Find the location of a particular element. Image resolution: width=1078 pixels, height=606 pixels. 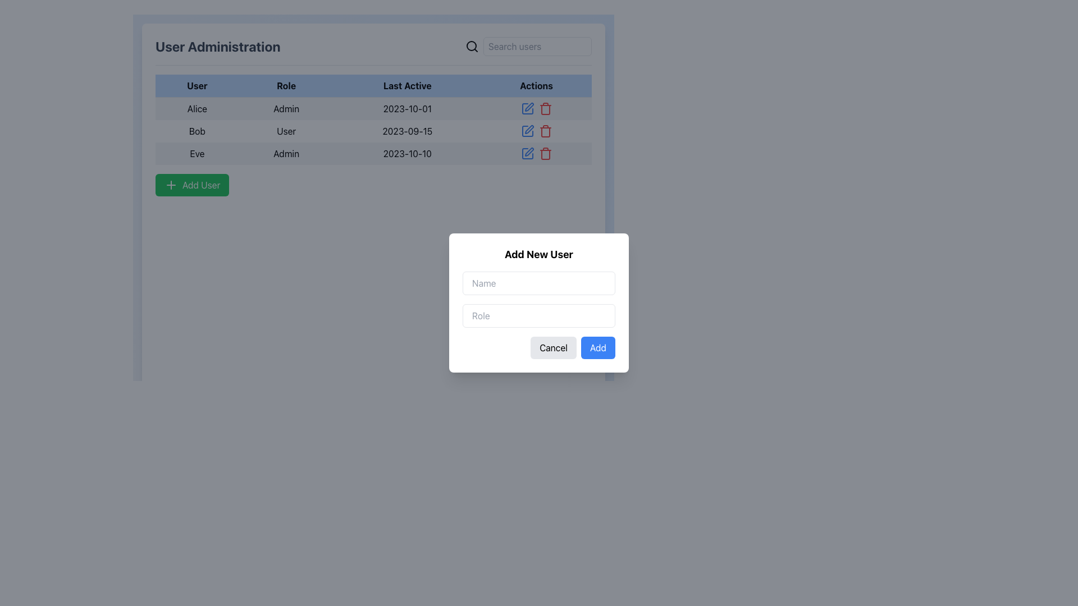

text label displaying '2023-09-15' in the 'Last Active' column of the User Administration section is located at coordinates (406, 131).